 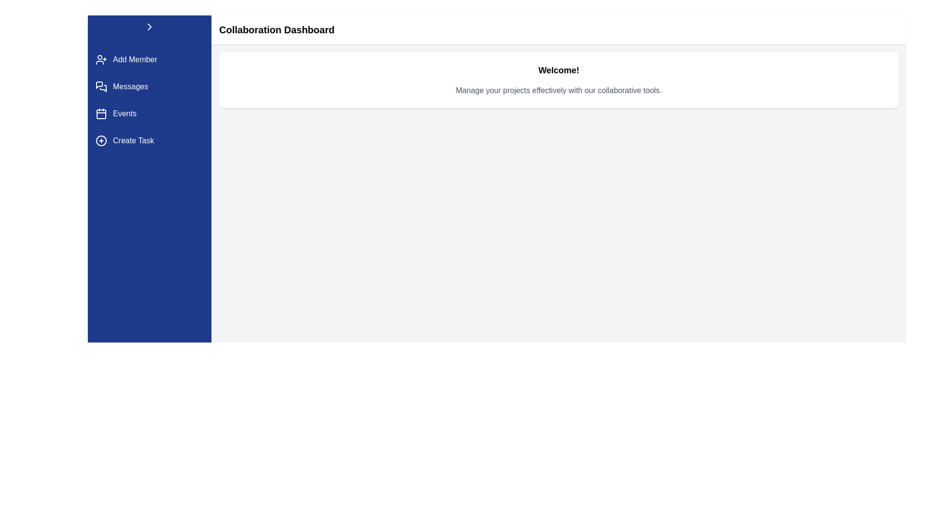 I want to click on the arrow icon located at the top-left corner of the blue sidebar, which allows users to collapse or expand the sidebar, so click(x=149, y=27).